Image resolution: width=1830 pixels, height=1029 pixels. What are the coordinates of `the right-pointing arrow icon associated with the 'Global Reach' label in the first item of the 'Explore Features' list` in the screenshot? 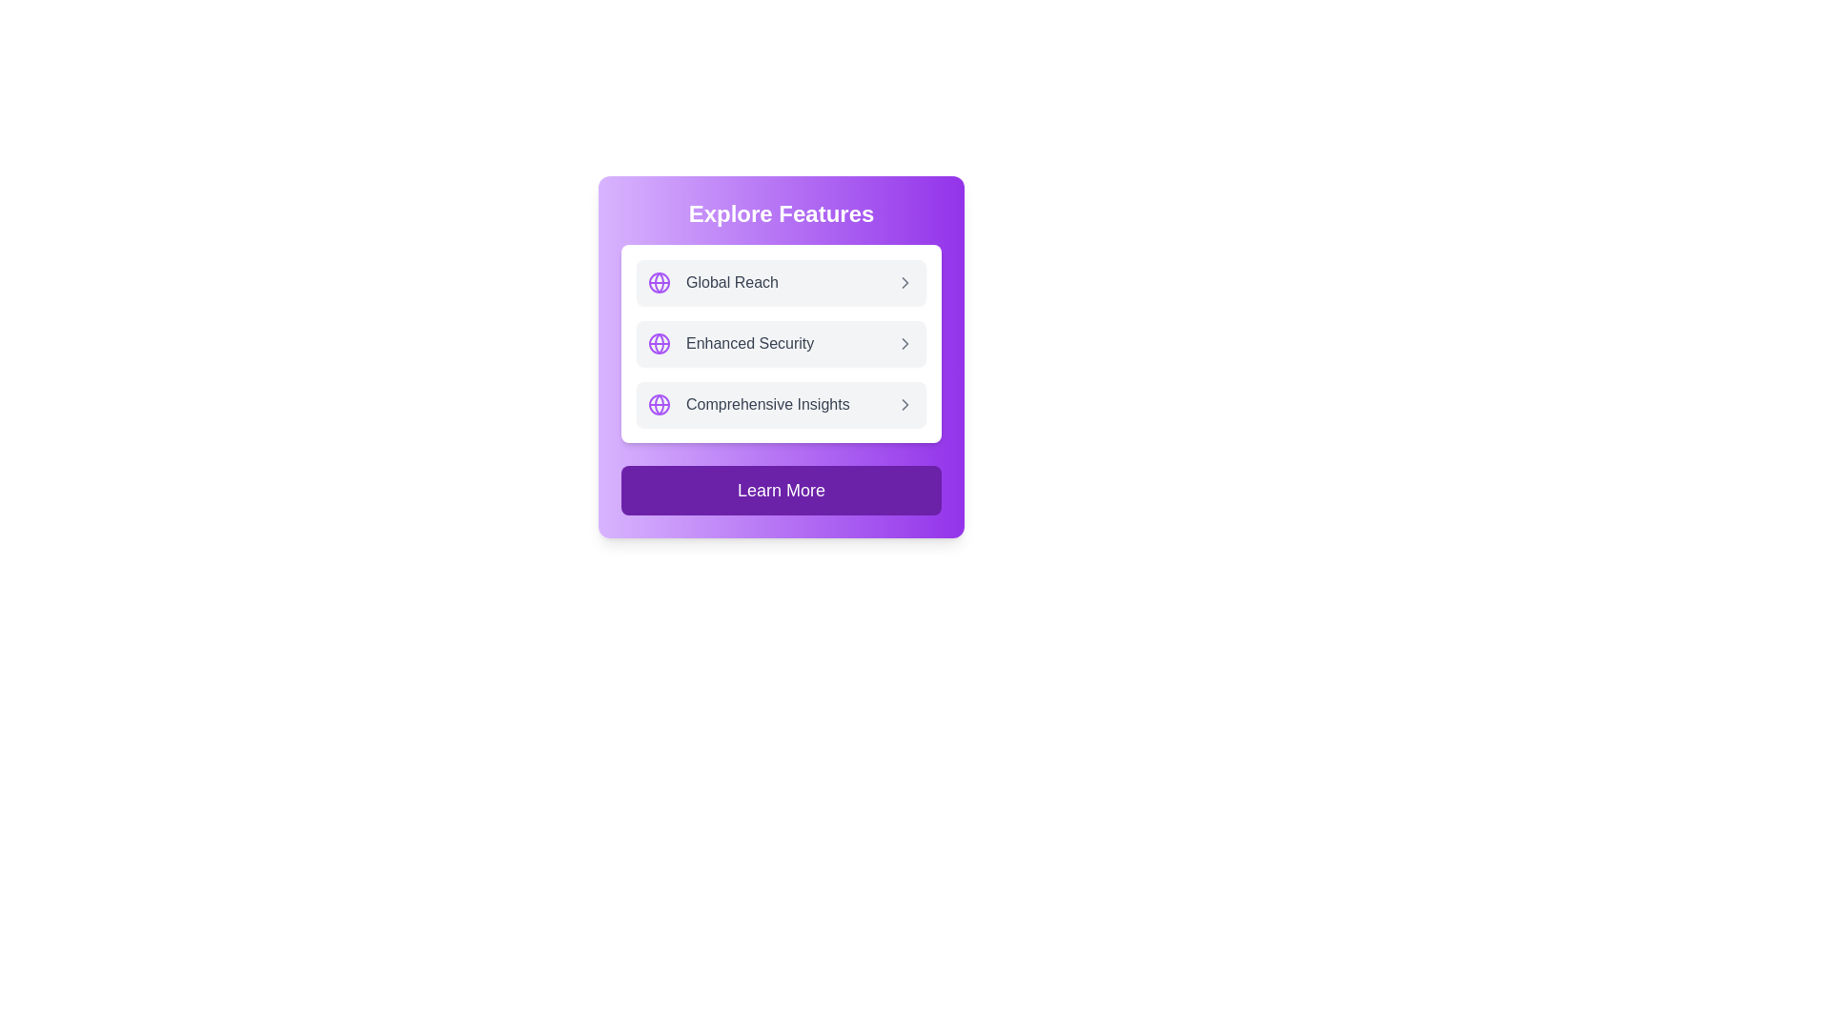 It's located at (905, 283).